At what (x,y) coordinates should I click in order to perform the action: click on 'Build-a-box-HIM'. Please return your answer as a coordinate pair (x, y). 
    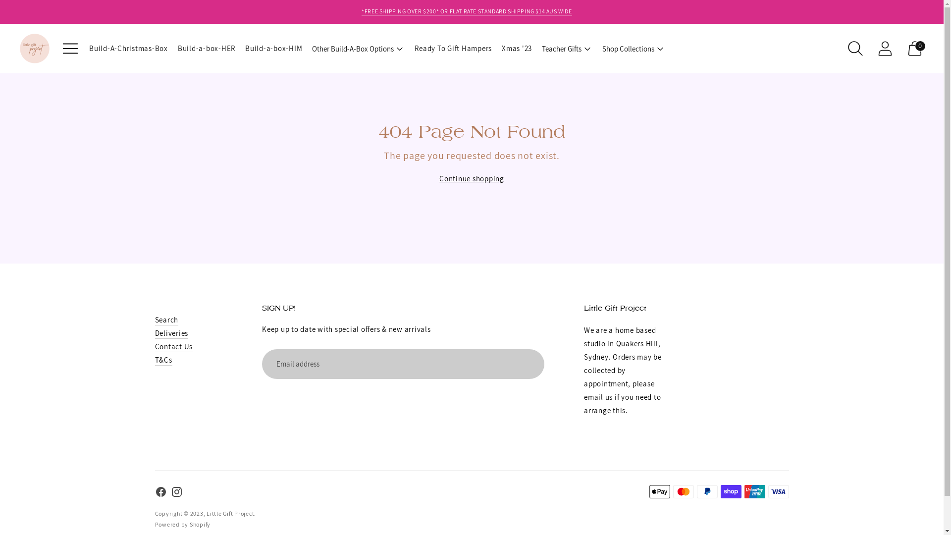
    Looking at the image, I should click on (273, 48).